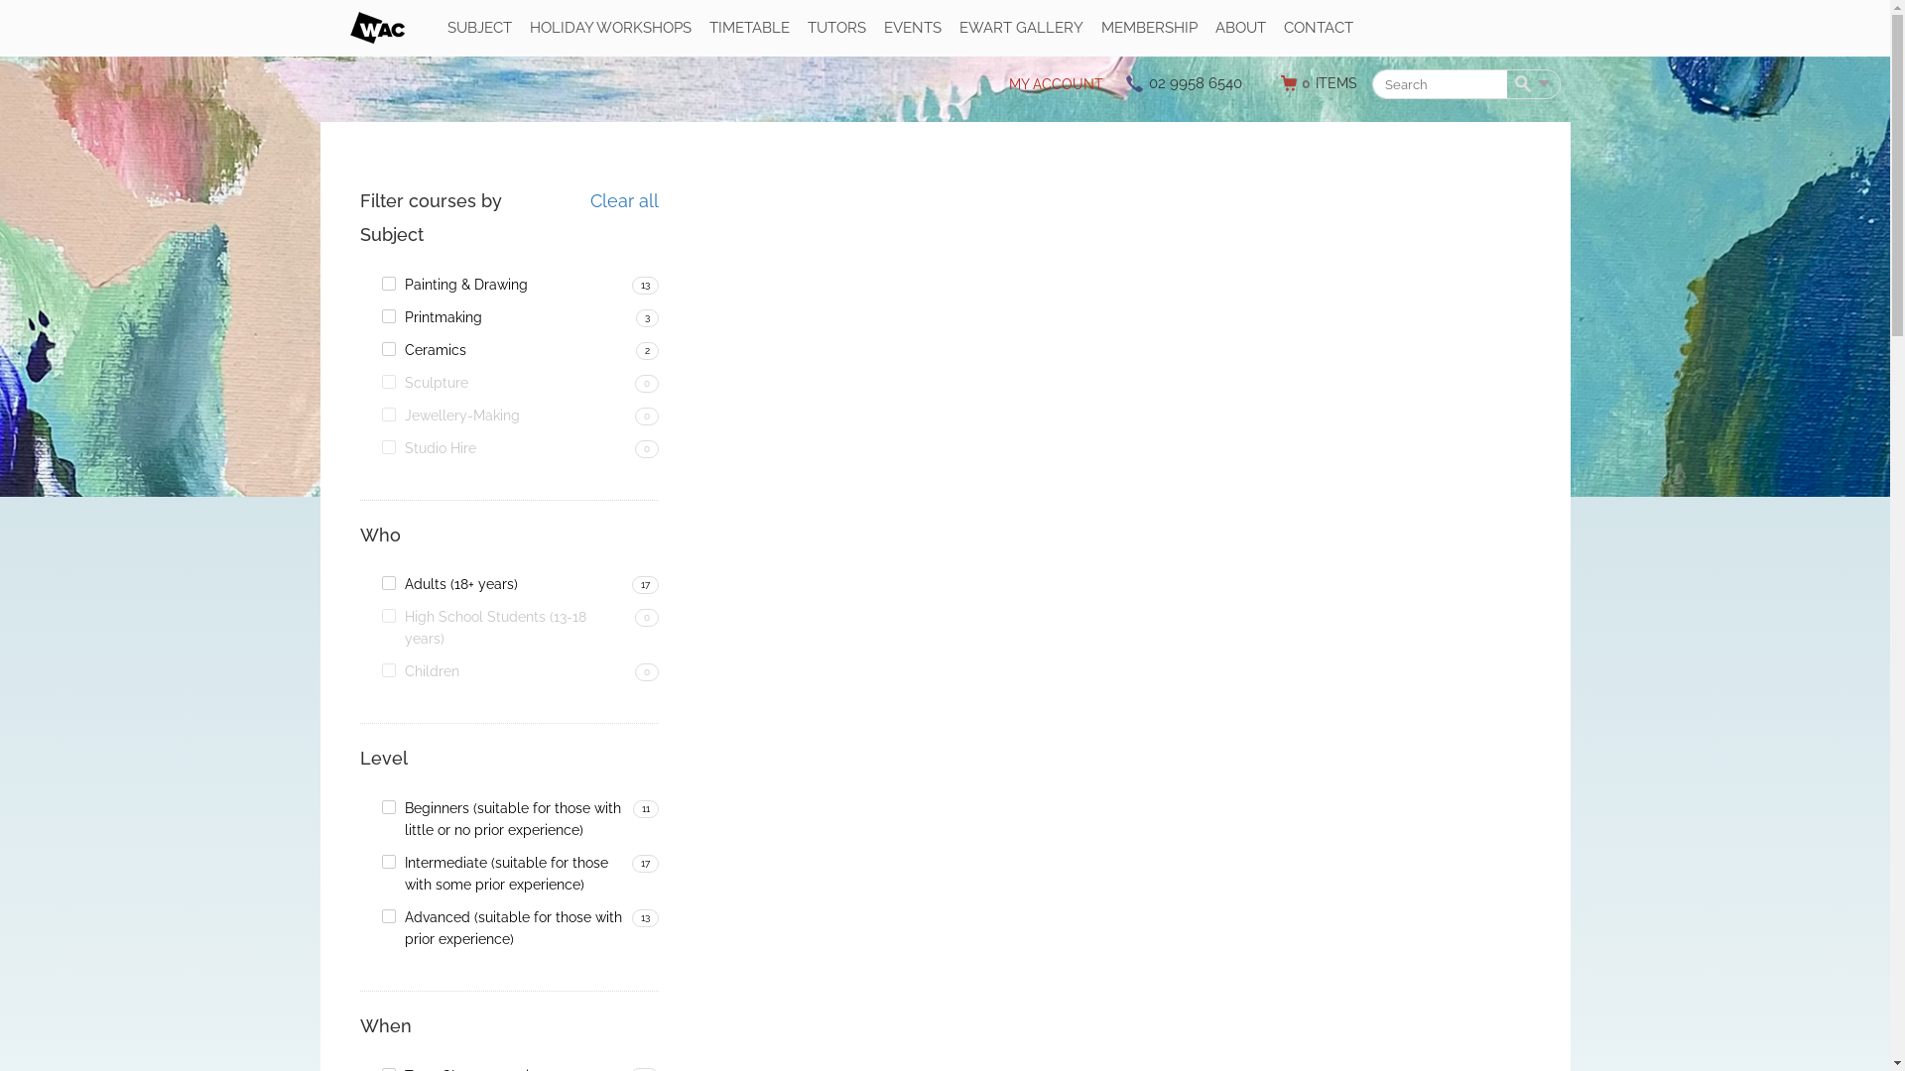 This screenshot has width=1905, height=1071. I want to click on 'EVENTS', so click(874, 27).